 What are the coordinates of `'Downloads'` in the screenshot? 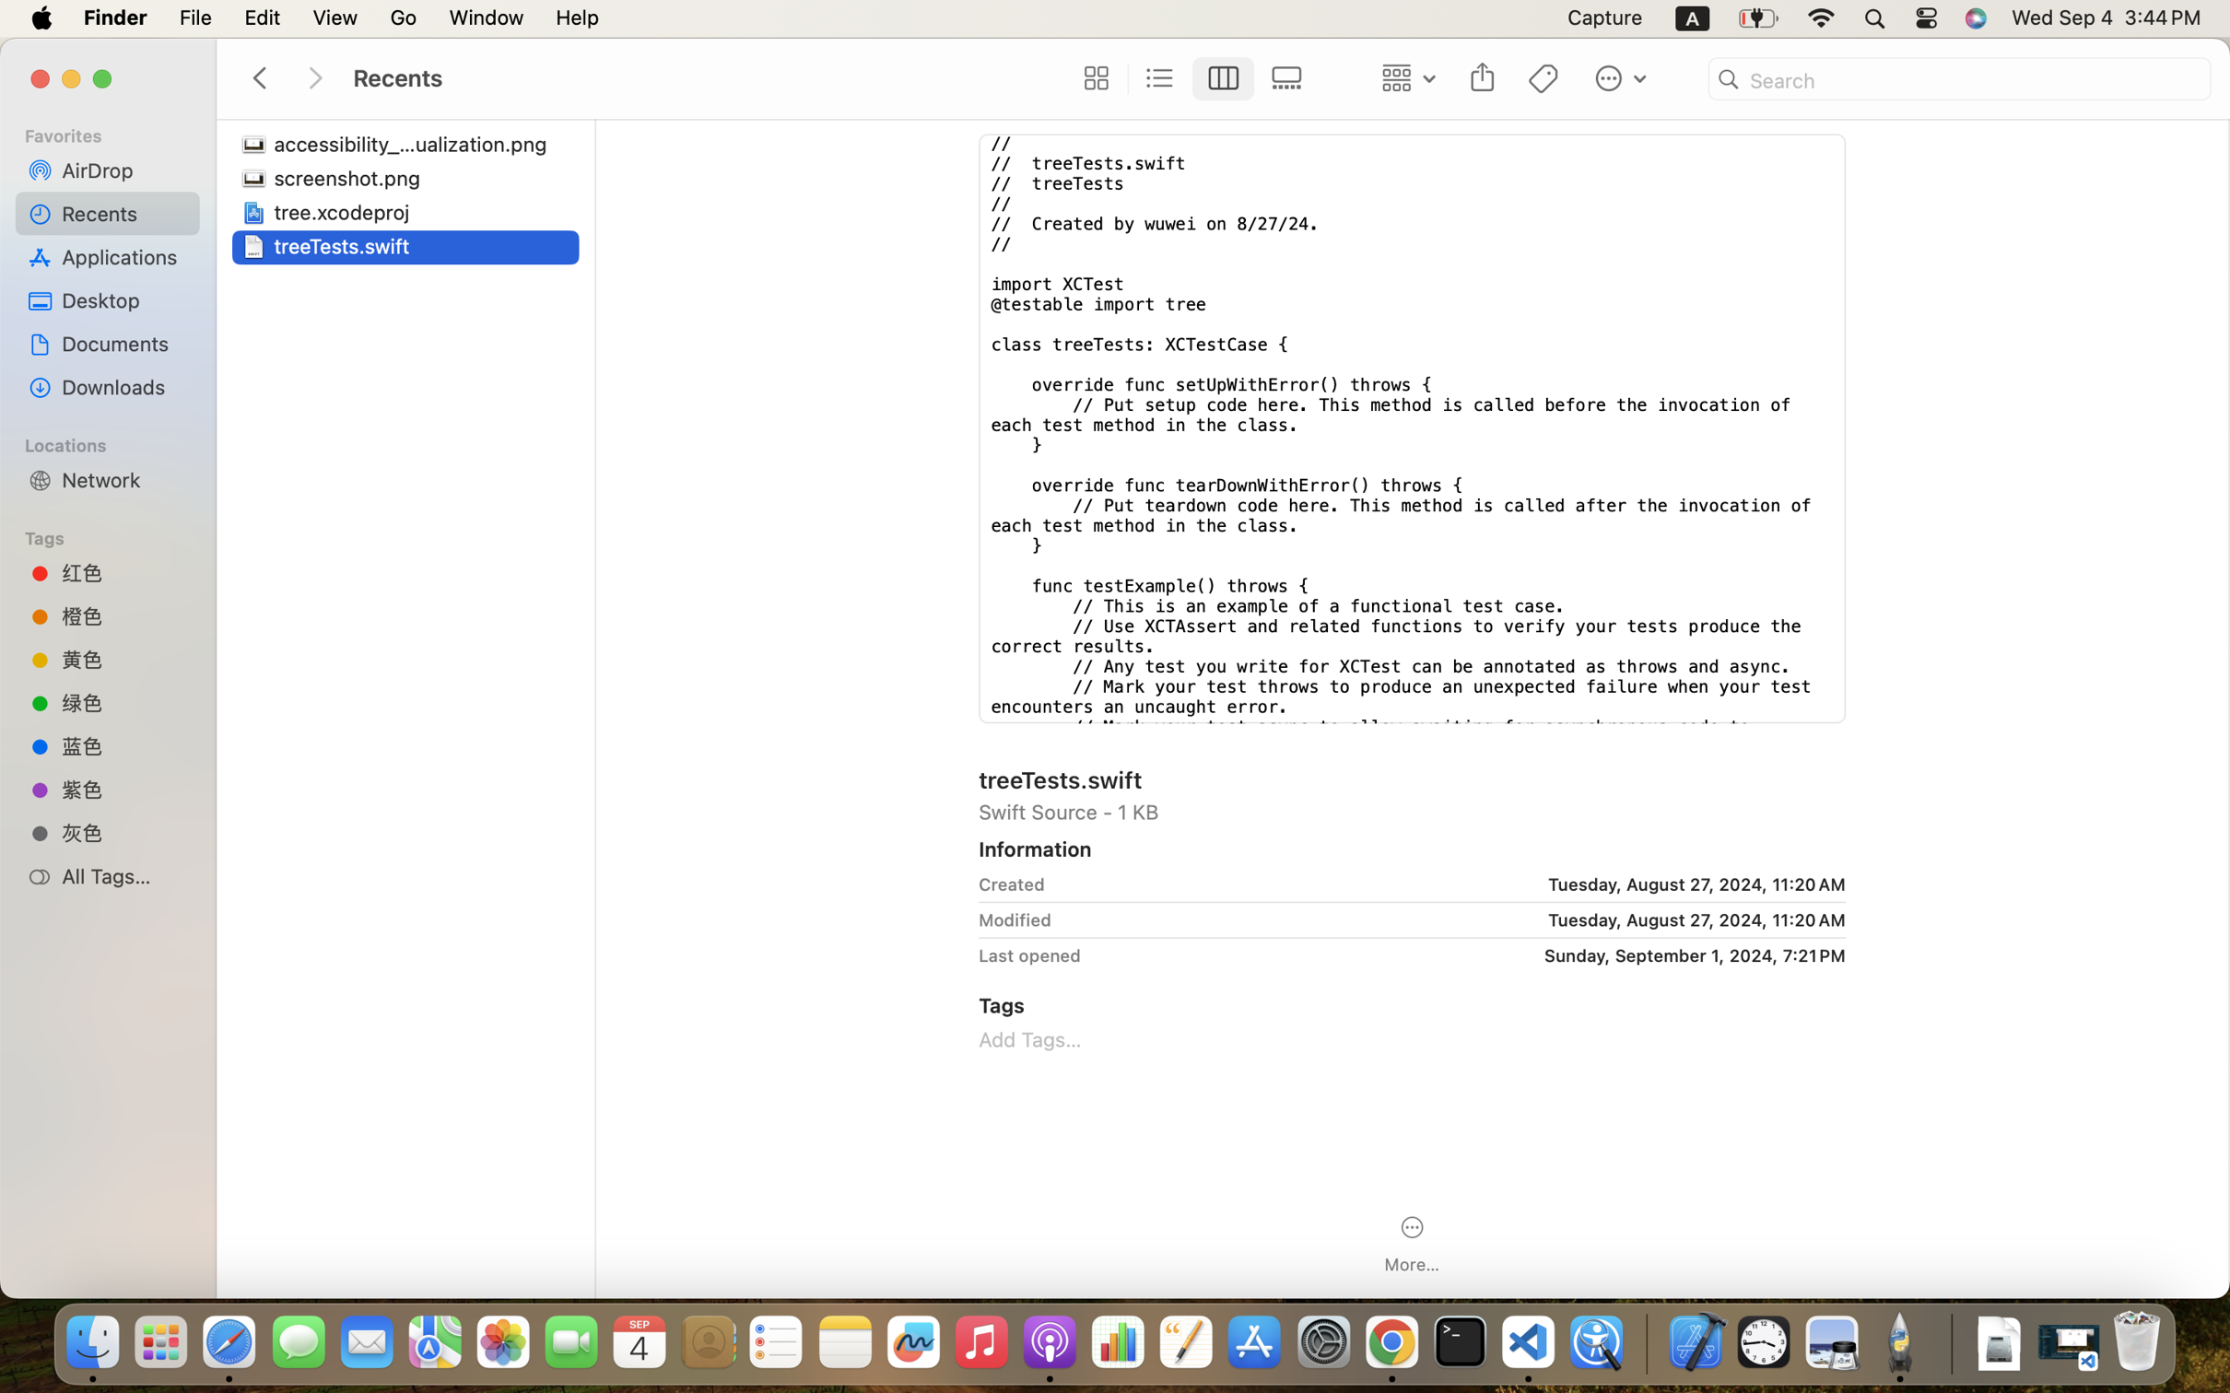 It's located at (123, 386).